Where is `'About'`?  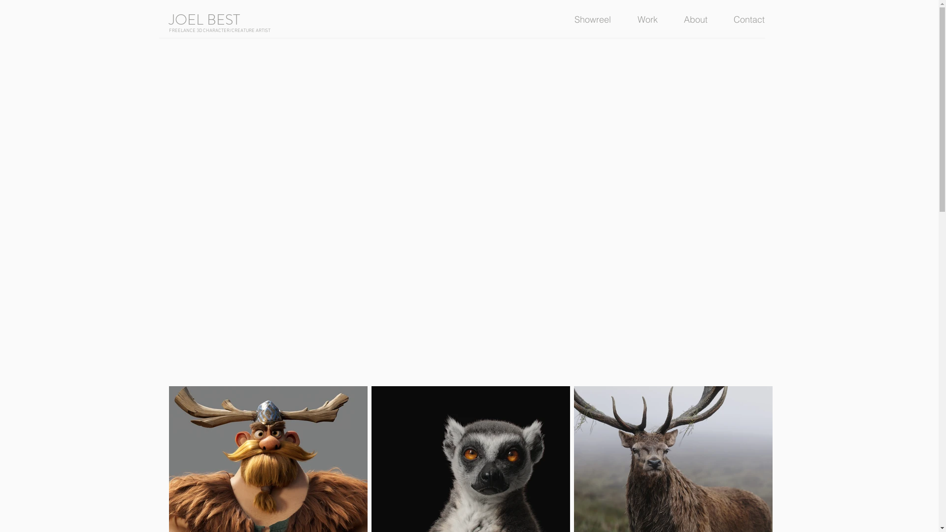
'About' is located at coordinates (676, 19).